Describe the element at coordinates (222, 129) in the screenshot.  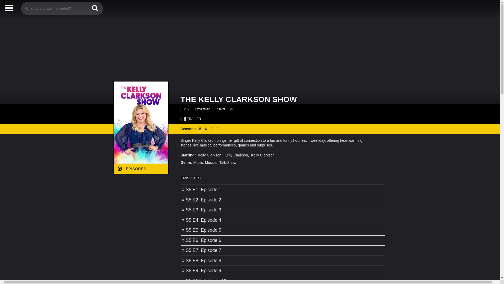
I see `'1'` at that location.